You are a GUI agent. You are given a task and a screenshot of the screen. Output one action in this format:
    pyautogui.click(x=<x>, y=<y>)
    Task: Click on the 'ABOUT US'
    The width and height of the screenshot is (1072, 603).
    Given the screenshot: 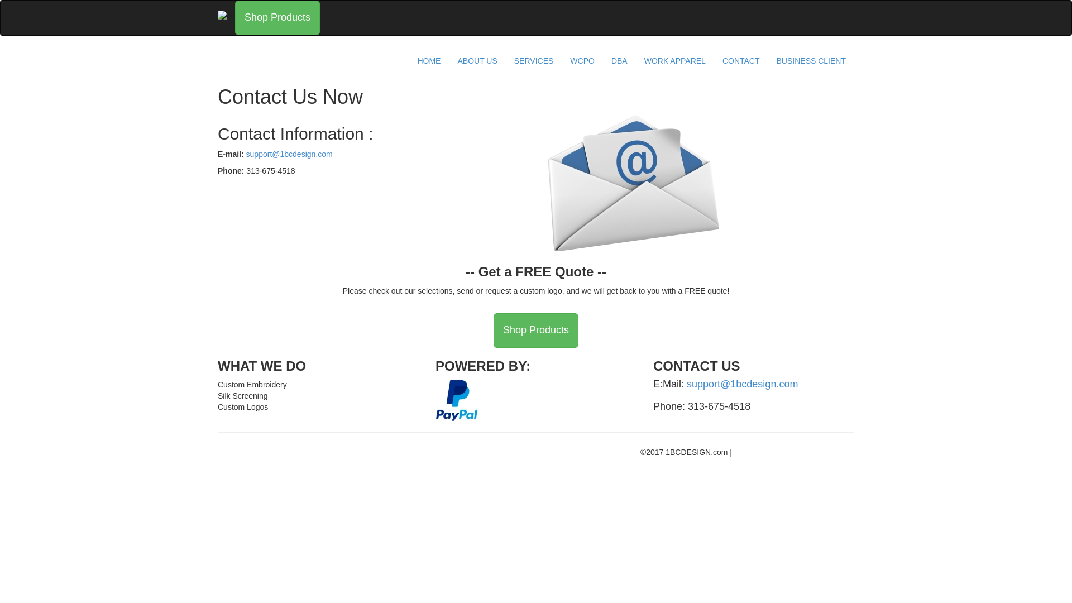 What is the action you would take?
    pyautogui.click(x=477, y=60)
    